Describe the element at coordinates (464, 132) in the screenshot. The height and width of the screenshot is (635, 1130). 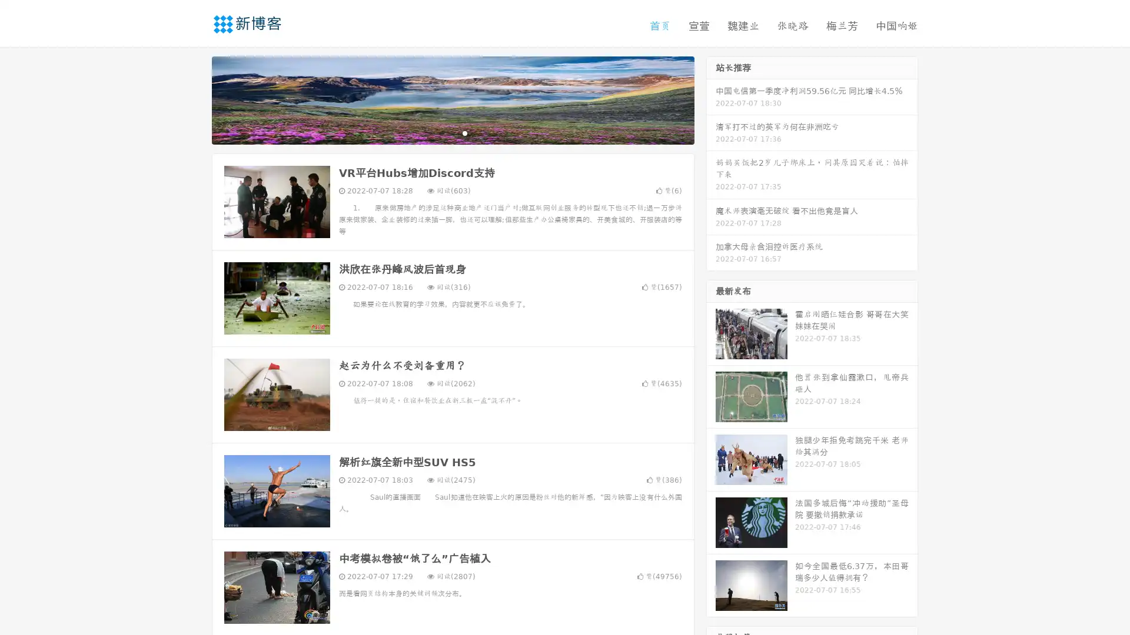
I see `Go to slide 3` at that location.